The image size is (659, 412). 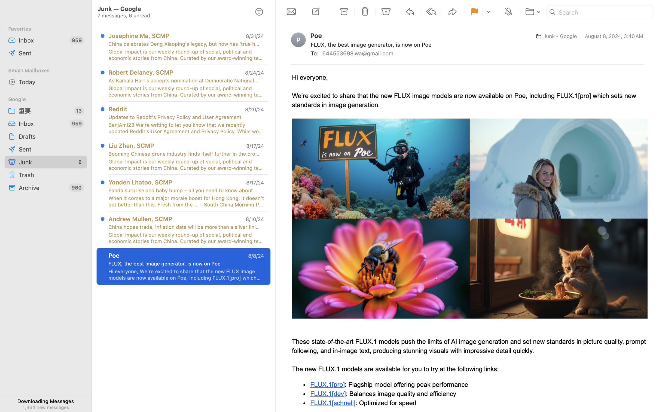 I want to click on '8/20/24', so click(x=254, y=109).